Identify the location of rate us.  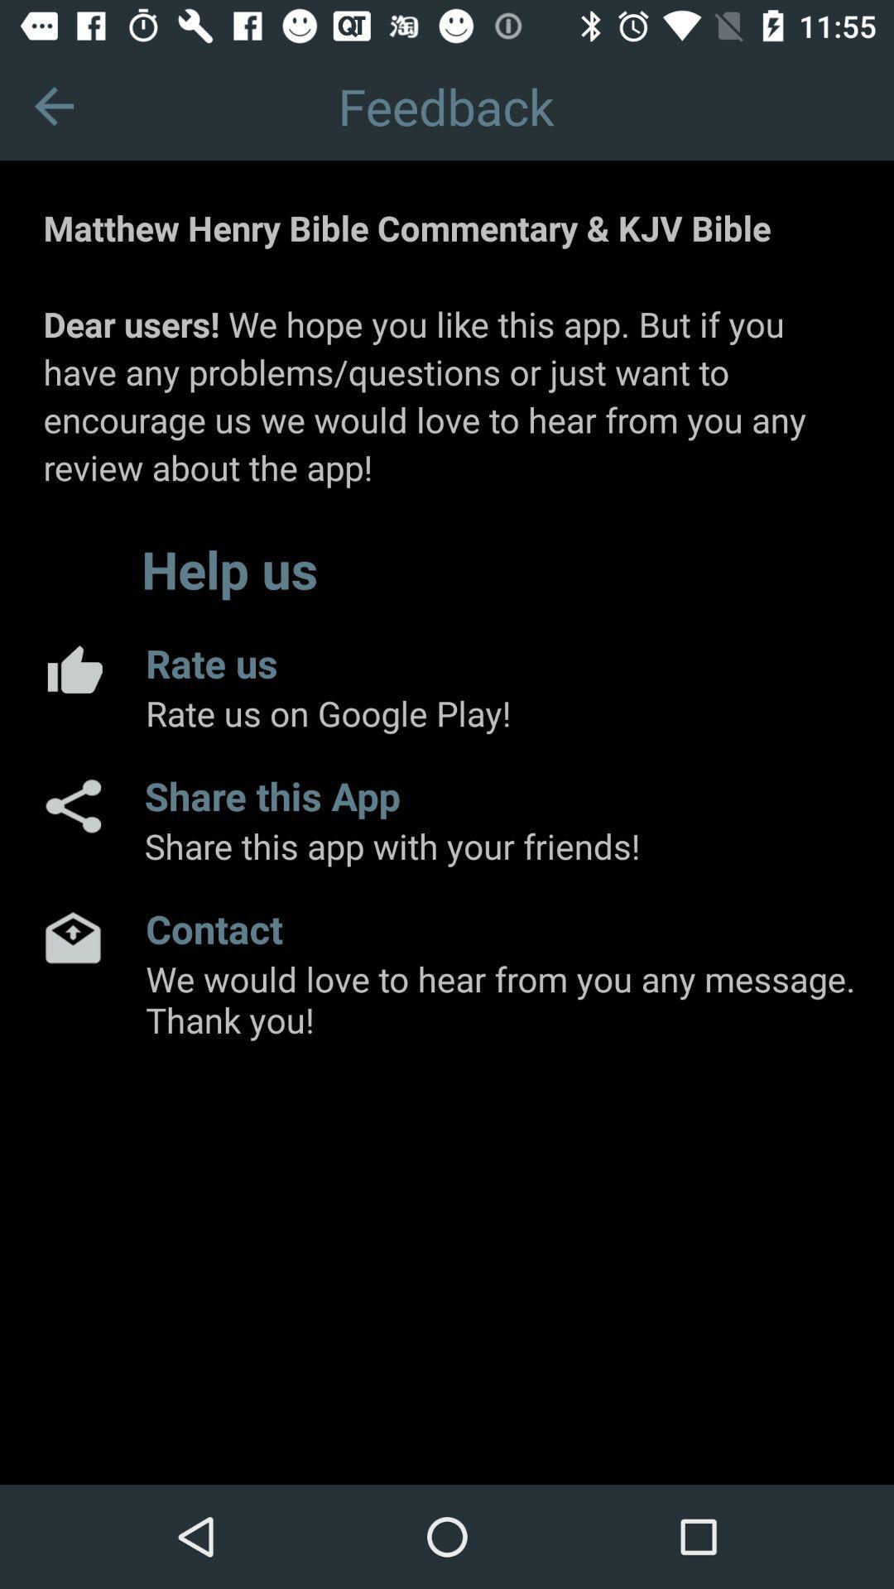
(72, 669).